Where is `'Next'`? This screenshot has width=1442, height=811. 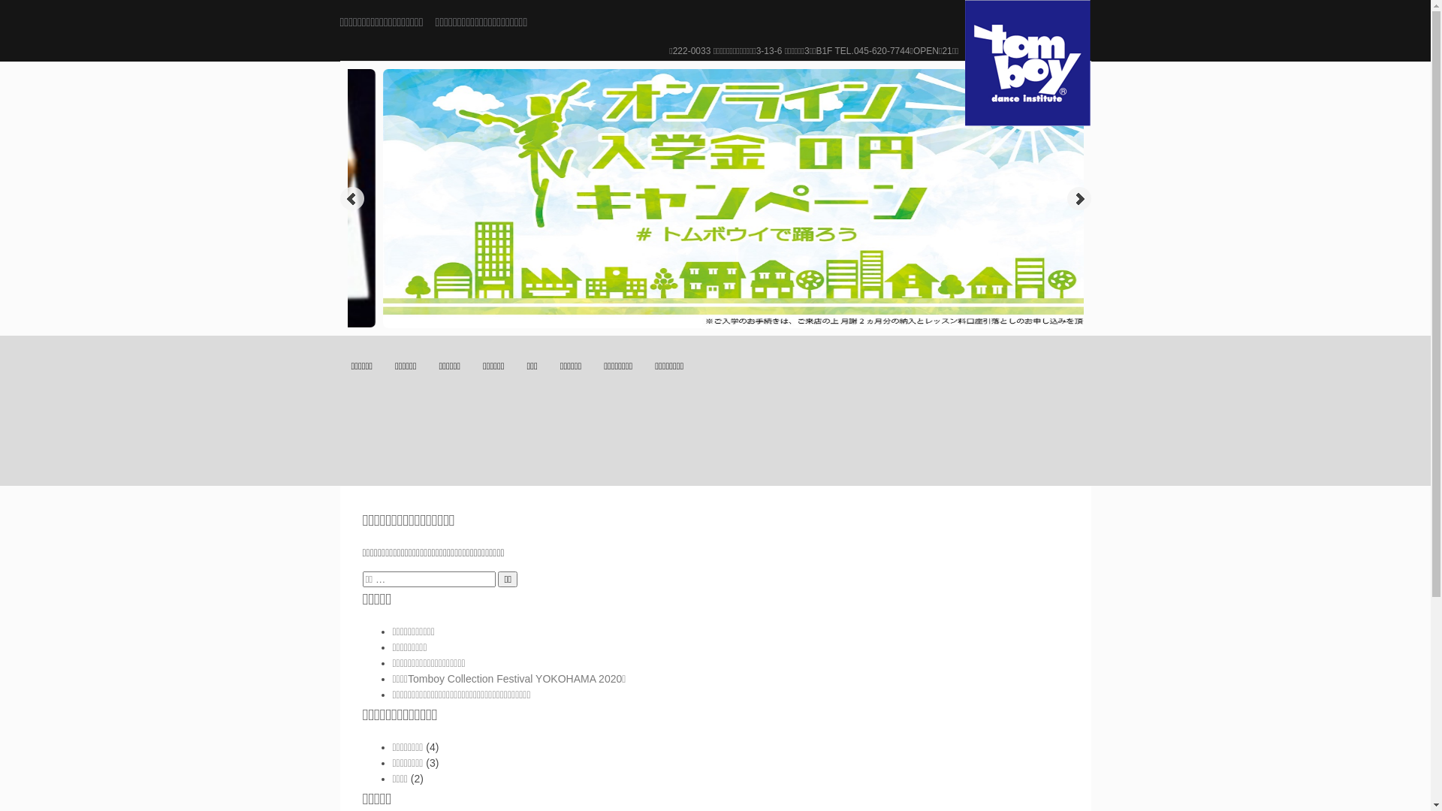 'Next' is located at coordinates (1077, 198).